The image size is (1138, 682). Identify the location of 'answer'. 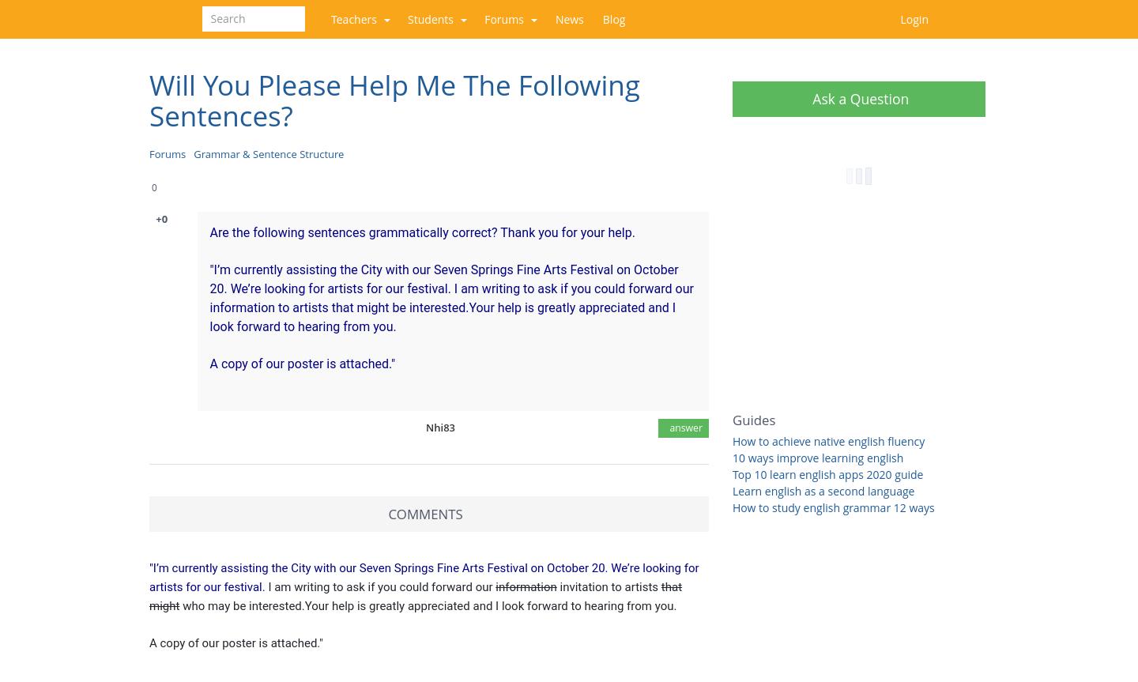
(682, 428).